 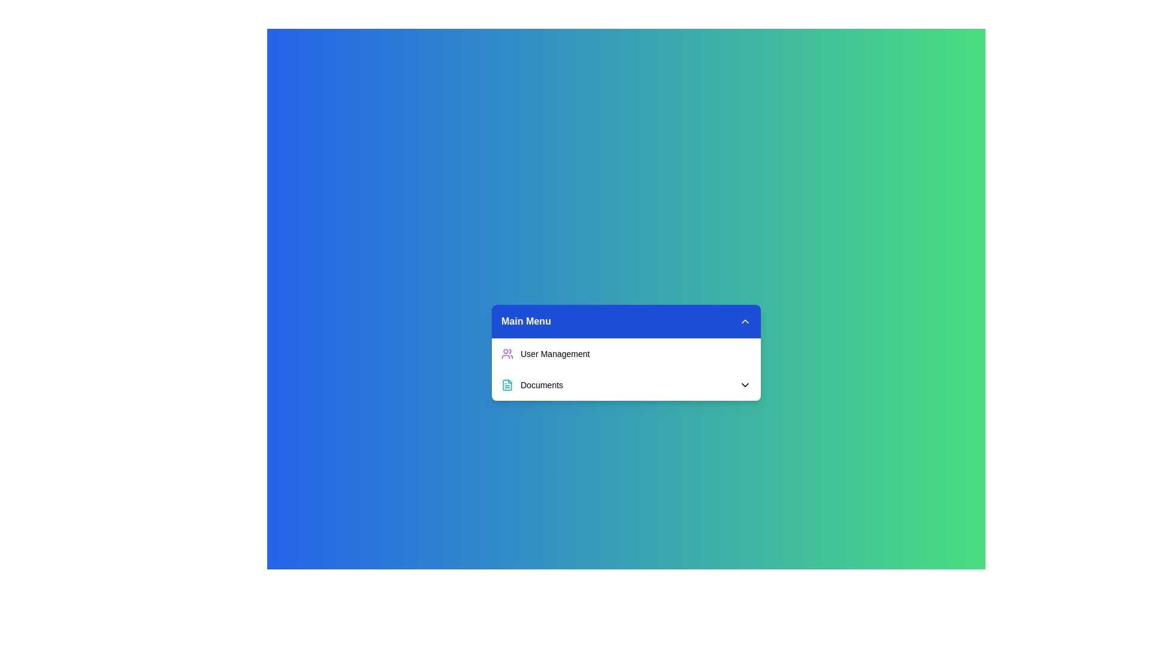 What do you see at coordinates (541, 385) in the screenshot?
I see `text label displaying 'Documents', which is styled in a small bold font and located next to a document icon` at bounding box center [541, 385].